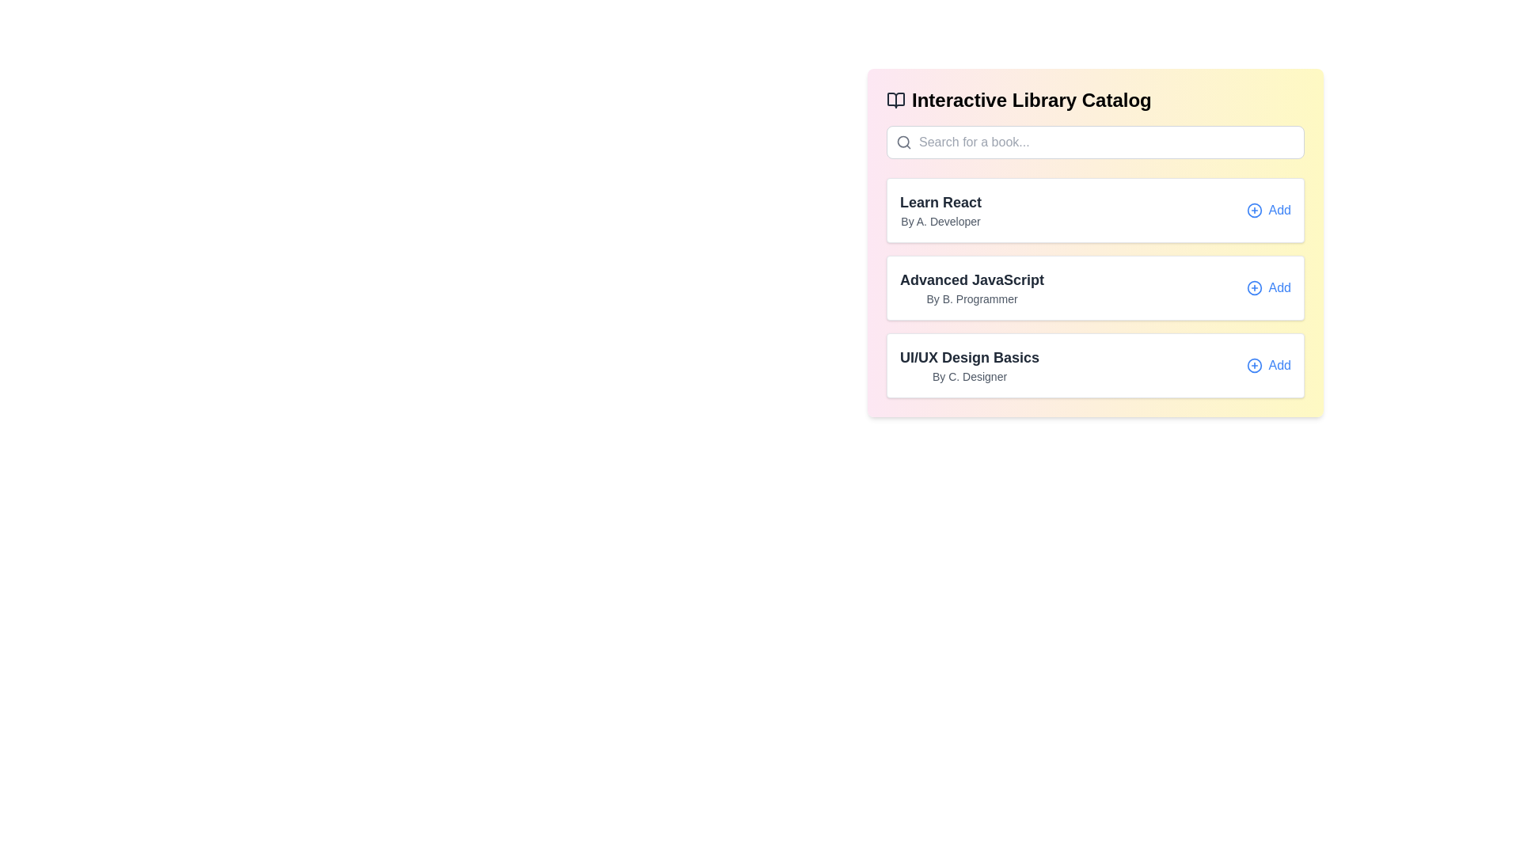 The width and height of the screenshot is (1520, 855). What do you see at coordinates (896, 101) in the screenshot?
I see `the open book icon located at the left side of the 'Interactive Library Catalog' header, which features symmetrical book covers and a central spine line in a grayscale line-drawn style` at bounding box center [896, 101].